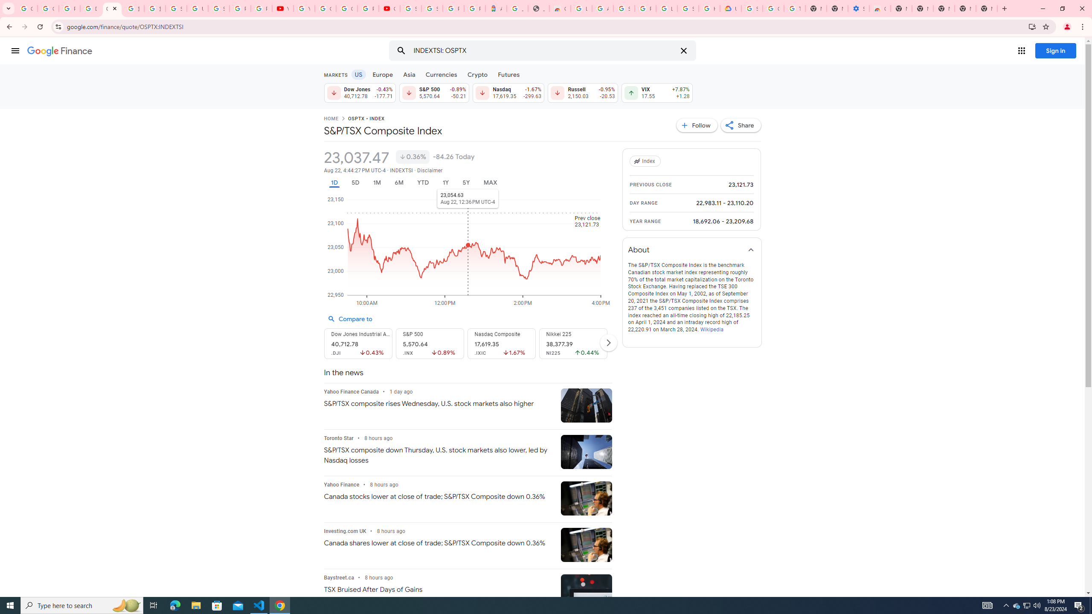 The width and height of the screenshot is (1092, 614). I want to click on 'HOME', so click(330, 119).